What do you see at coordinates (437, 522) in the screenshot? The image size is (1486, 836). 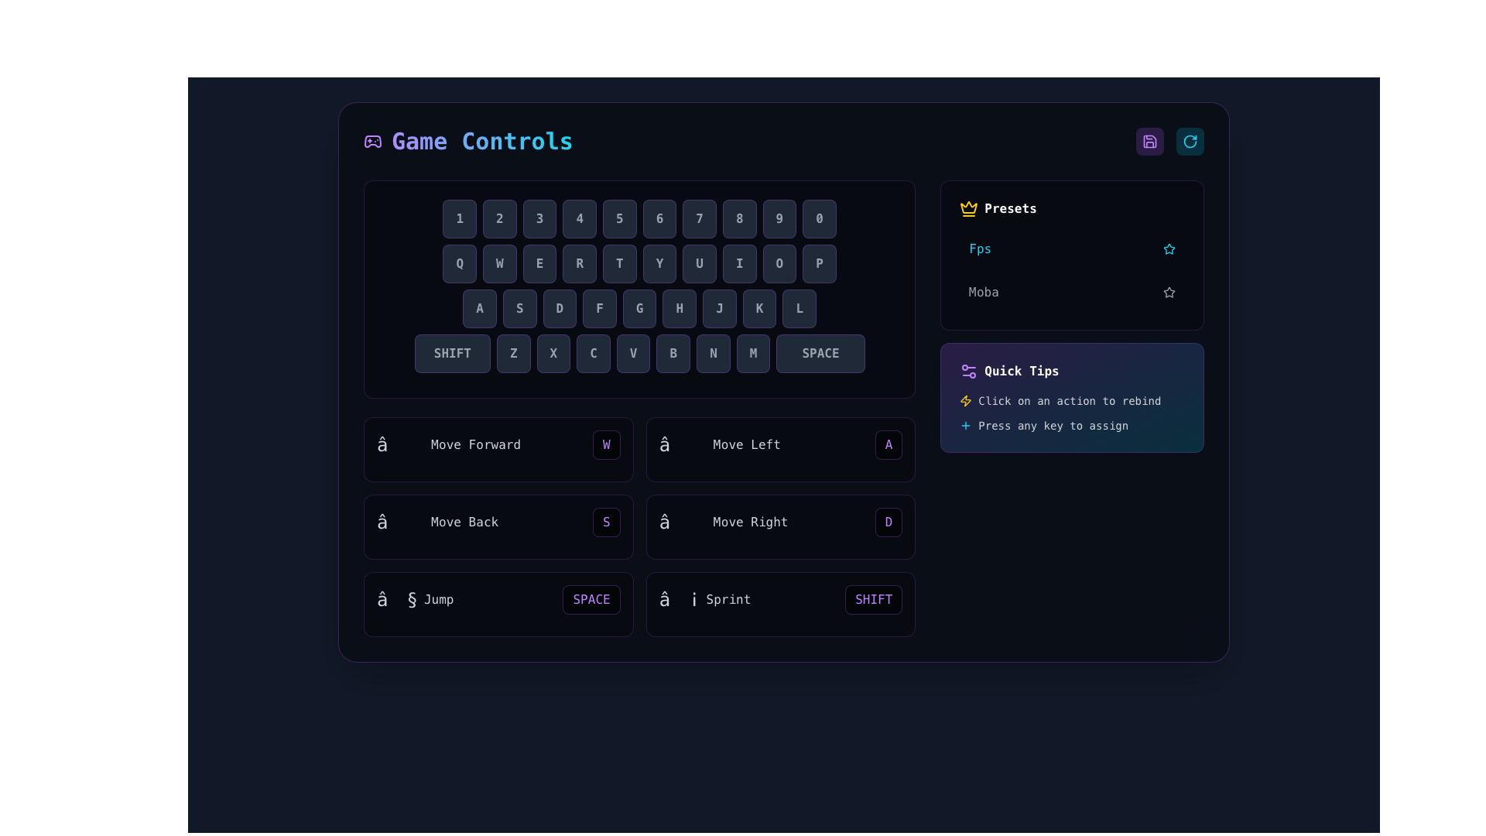 I see `the 'Move Back' label element, which displays a downward arrow symbol and is styled in gray, located in the lower-left section of the control panel` at bounding box center [437, 522].